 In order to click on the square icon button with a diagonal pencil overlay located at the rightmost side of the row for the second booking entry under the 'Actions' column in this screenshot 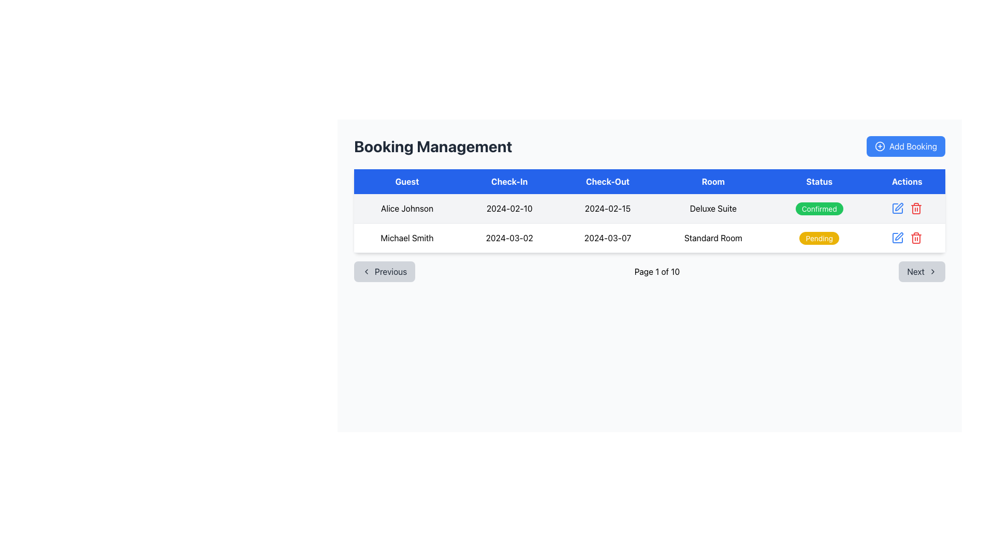, I will do `click(897, 238)`.